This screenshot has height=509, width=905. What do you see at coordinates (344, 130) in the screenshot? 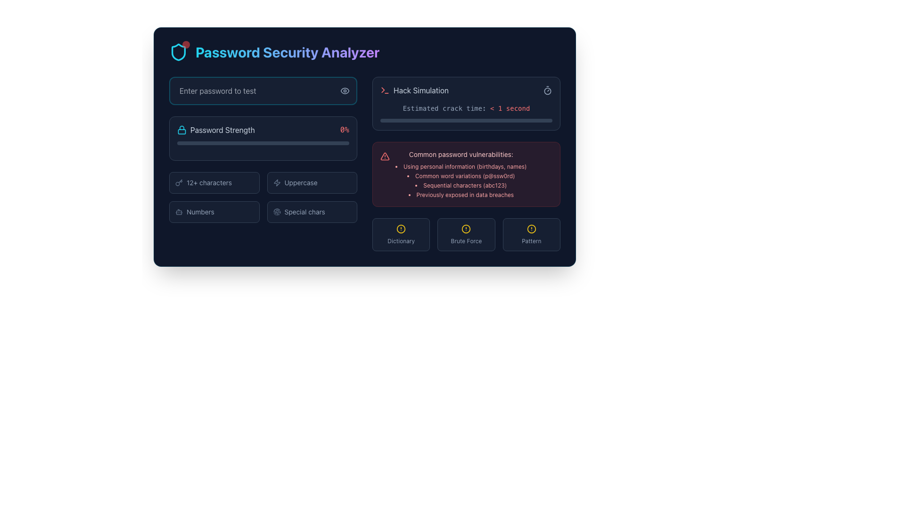
I see `the static text element displaying '0%' in red color, located to the right of the 'Password Strength' label` at bounding box center [344, 130].